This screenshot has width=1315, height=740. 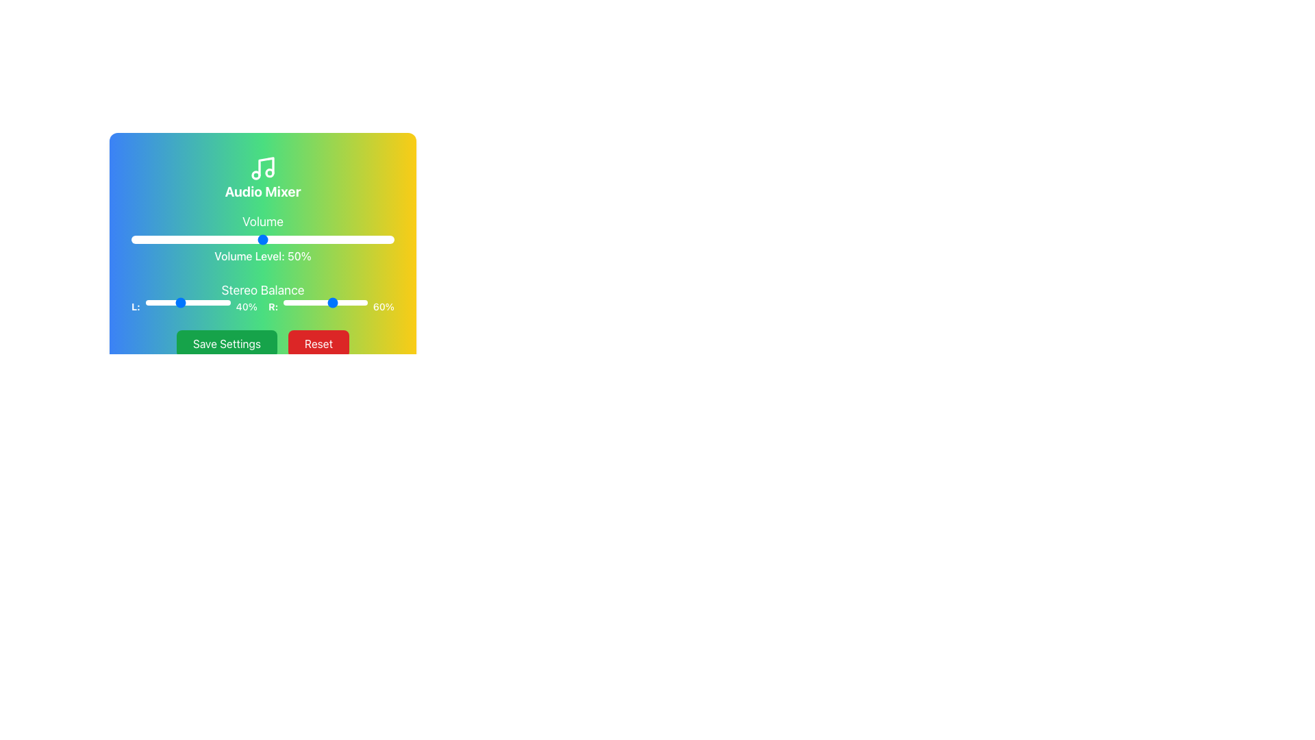 I want to click on the left stereo balance, so click(x=185, y=302).